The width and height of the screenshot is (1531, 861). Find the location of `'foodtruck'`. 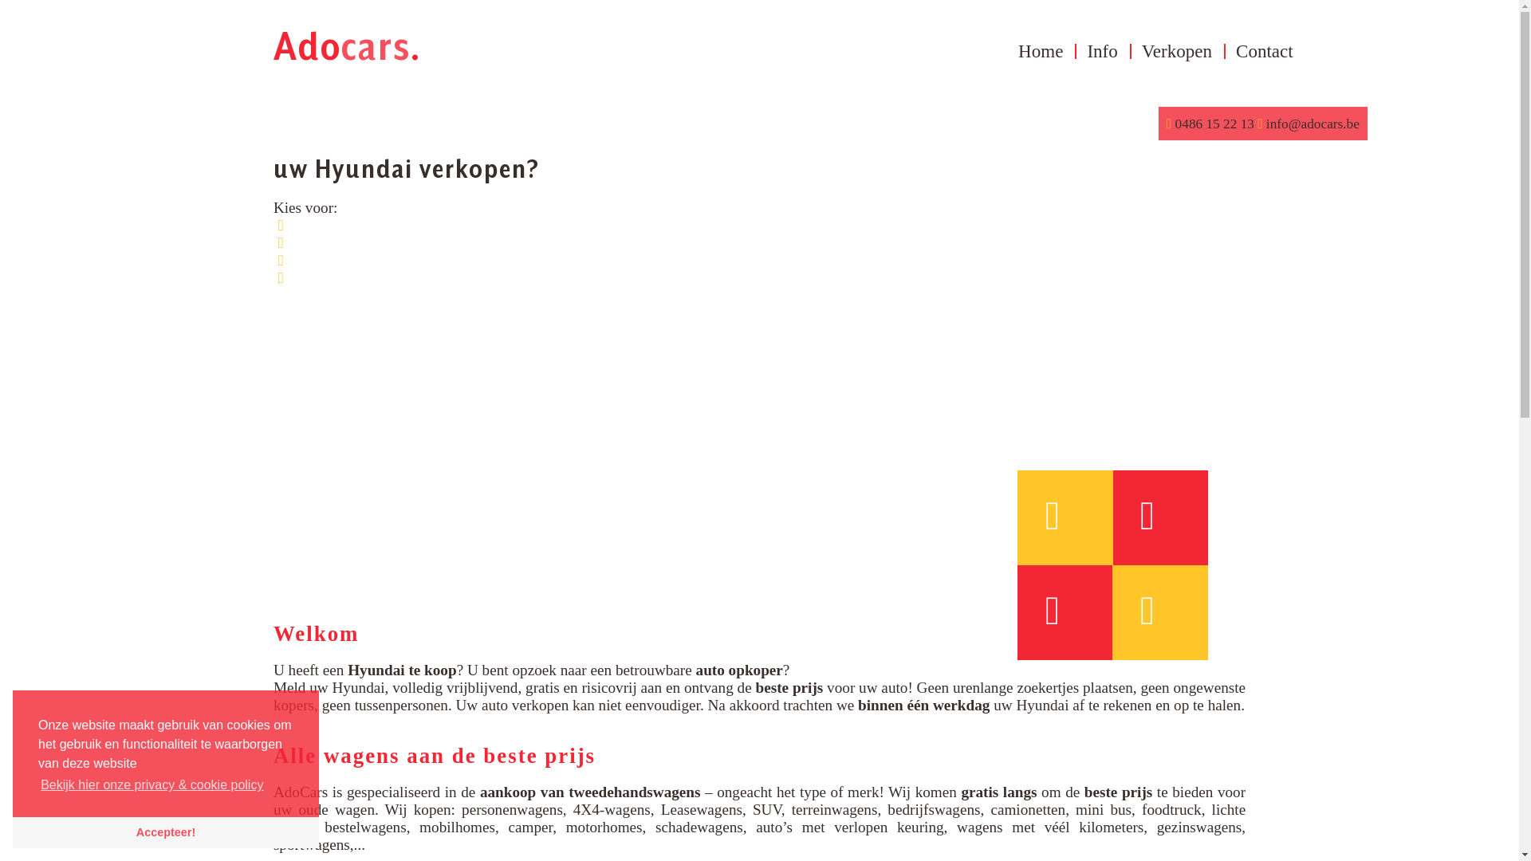

'foodtruck' is located at coordinates (1140, 809).